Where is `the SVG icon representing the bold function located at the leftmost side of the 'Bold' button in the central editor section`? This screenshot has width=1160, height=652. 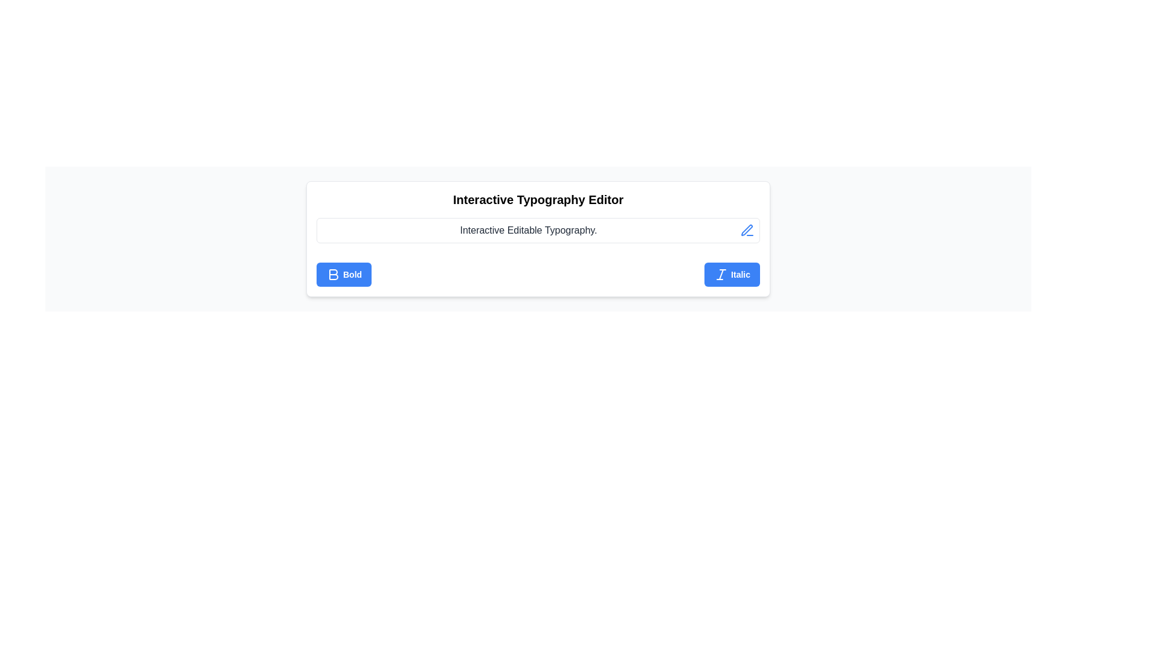 the SVG icon representing the bold function located at the leftmost side of the 'Bold' button in the central editor section is located at coordinates (333, 275).